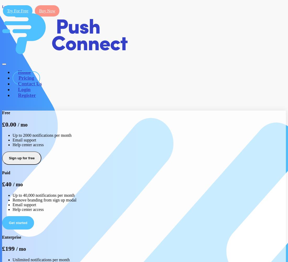 The height and width of the screenshot is (262, 288). What do you see at coordinates (47, 11) in the screenshot?
I see `'Buy Now'` at bounding box center [47, 11].